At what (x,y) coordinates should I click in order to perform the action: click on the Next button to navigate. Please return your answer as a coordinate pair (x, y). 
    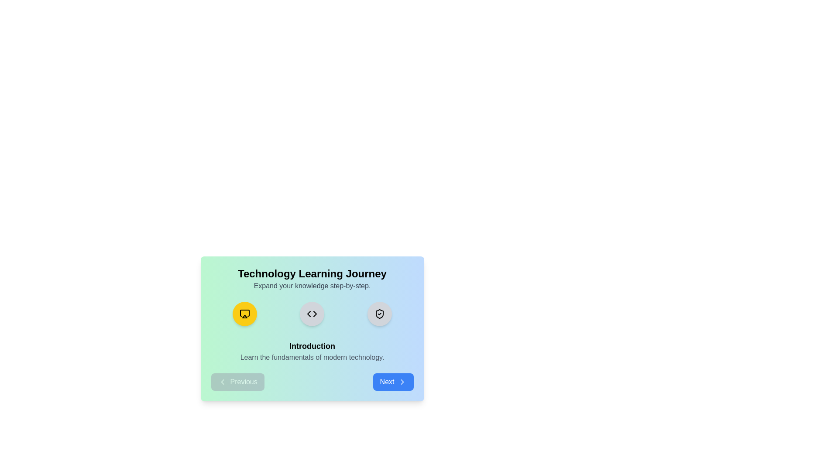
    Looking at the image, I should click on (393, 381).